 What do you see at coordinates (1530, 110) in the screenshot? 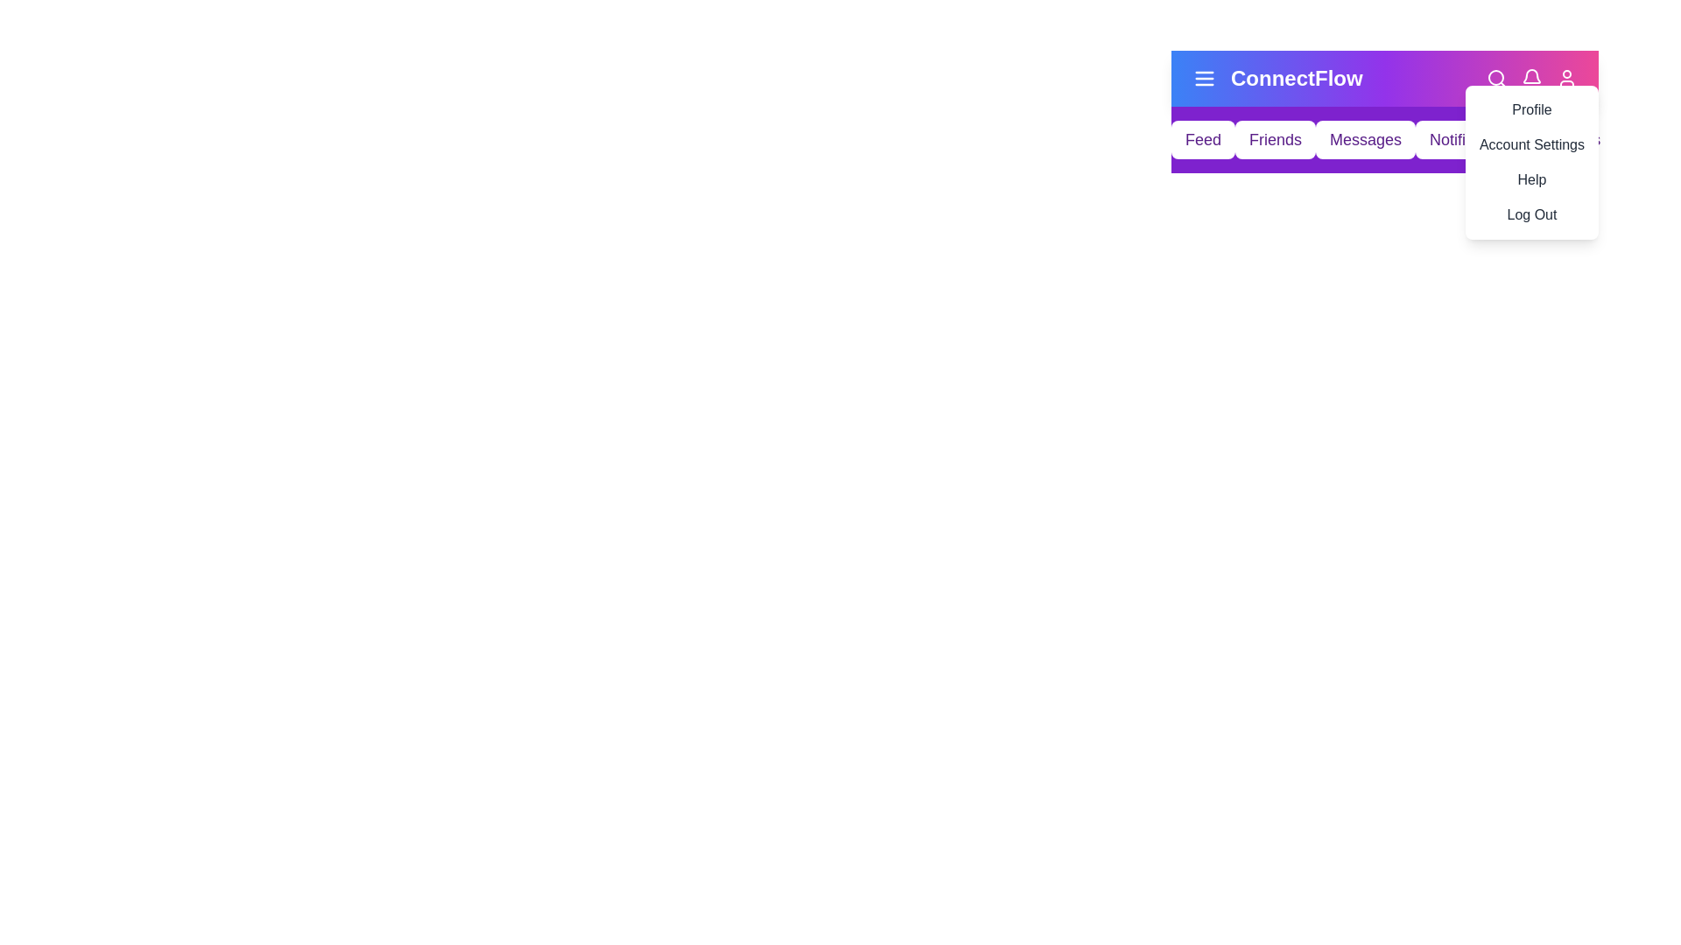
I see `the Profile in the profile menu` at bounding box center [1530, 110].